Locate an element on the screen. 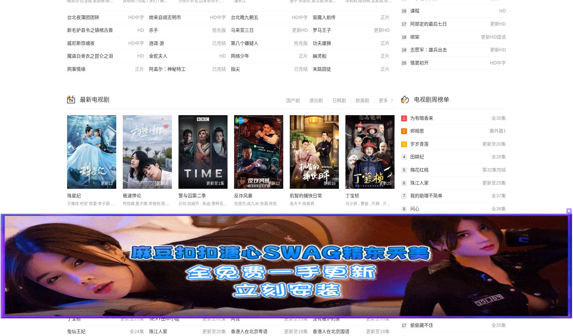  '11' is located at coordinates (404, 247).